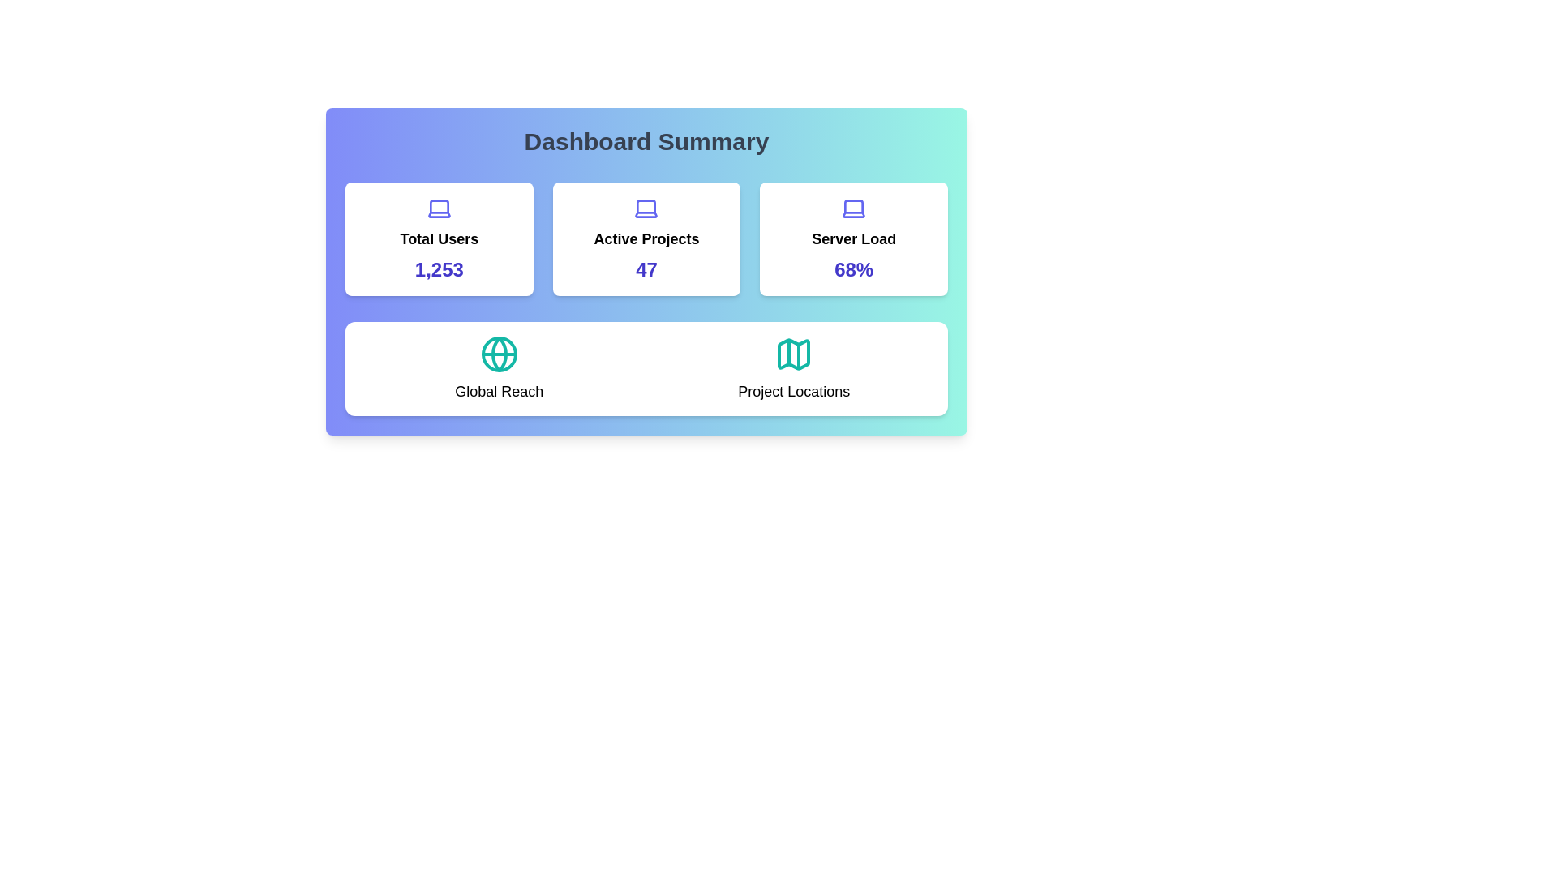  Describe the element at coordinates (439, 238) in the screenshot. I see `the 'Total Users' text label, which is styled in bold and larger font, located within the first card of the top row of the dashboard grid layout, directly below the laptop icon and above the numeric label '1,253'` at that location.